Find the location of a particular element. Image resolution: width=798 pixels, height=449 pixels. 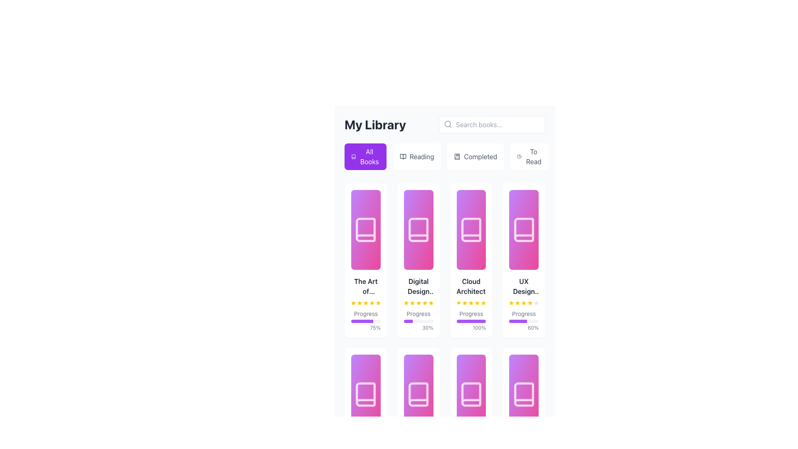

the book icon with a white outline against a pink-to-purple gradient background located in the second card labeled 'Digital Design' in the library grid is located at coordinates (419, 229).